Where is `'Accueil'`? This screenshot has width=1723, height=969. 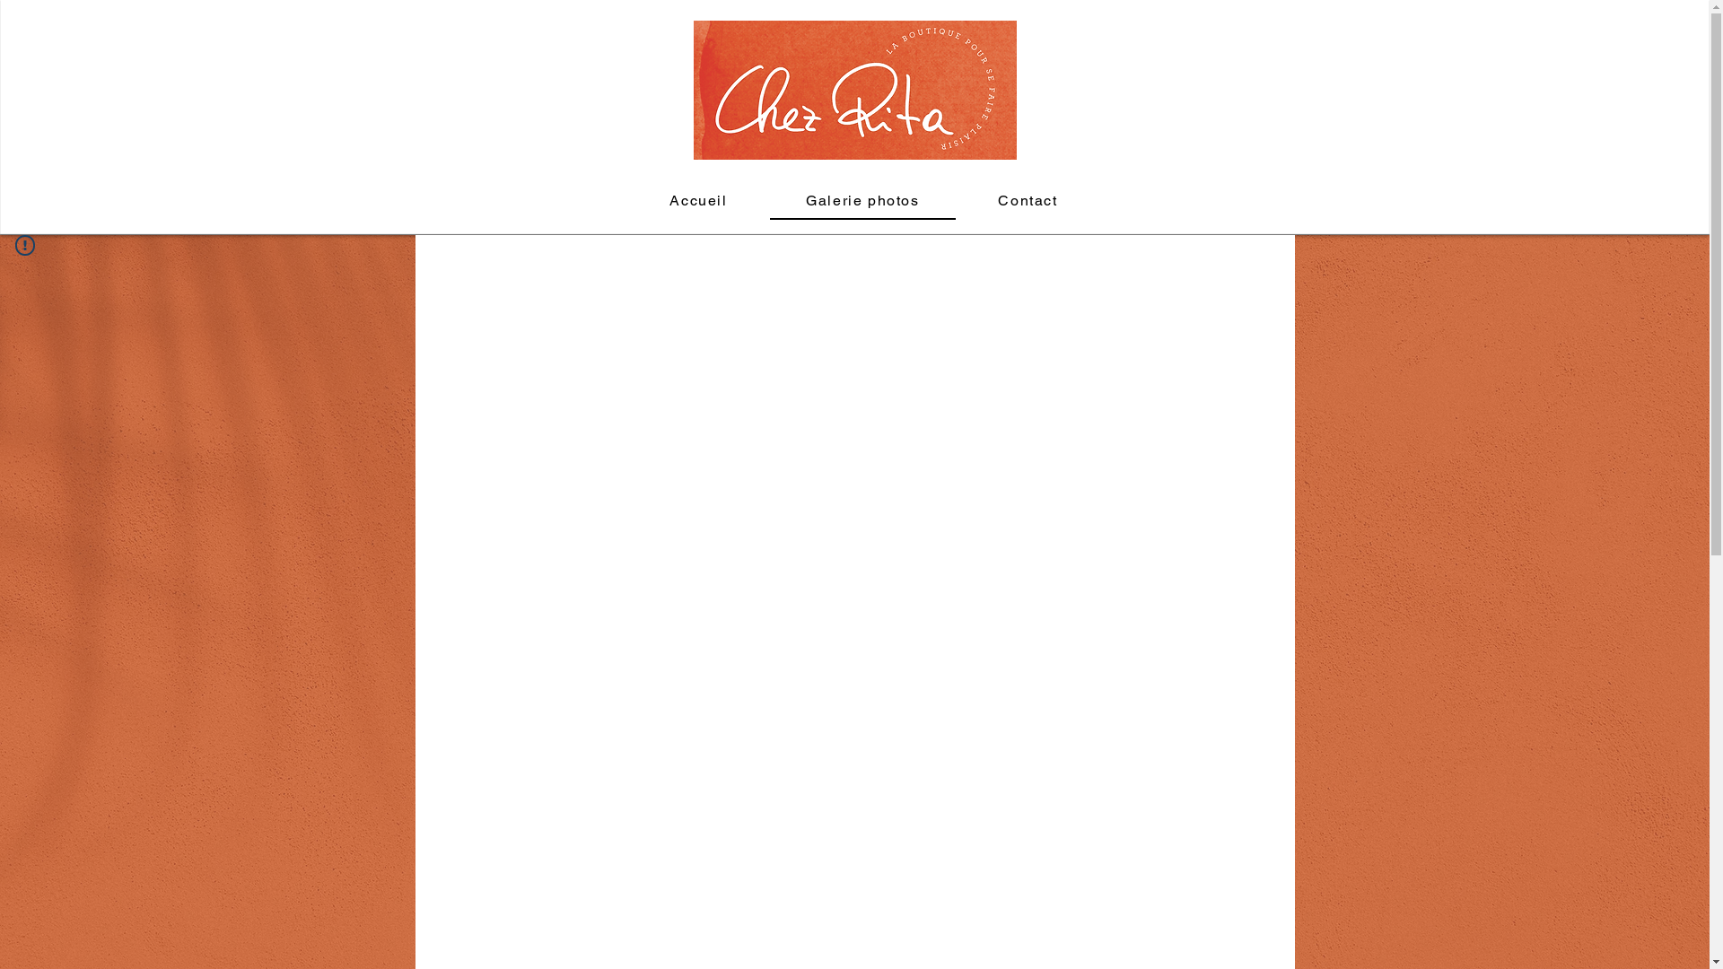
'Accueil' is located at coordinates (696, 201).